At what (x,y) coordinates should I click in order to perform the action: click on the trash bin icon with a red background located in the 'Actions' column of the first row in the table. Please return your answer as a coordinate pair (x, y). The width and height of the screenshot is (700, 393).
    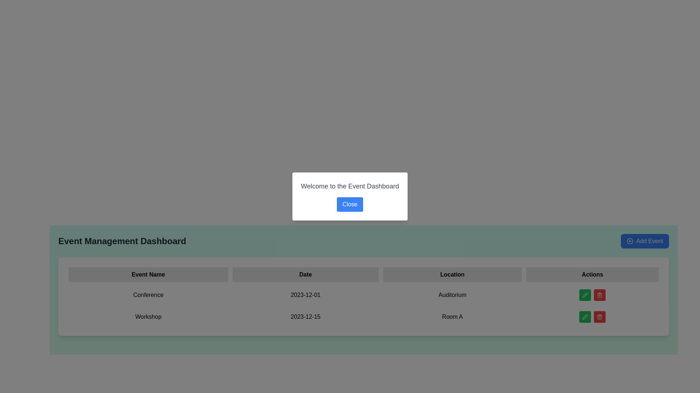
    Looking at the image, I should click on (600, 295).